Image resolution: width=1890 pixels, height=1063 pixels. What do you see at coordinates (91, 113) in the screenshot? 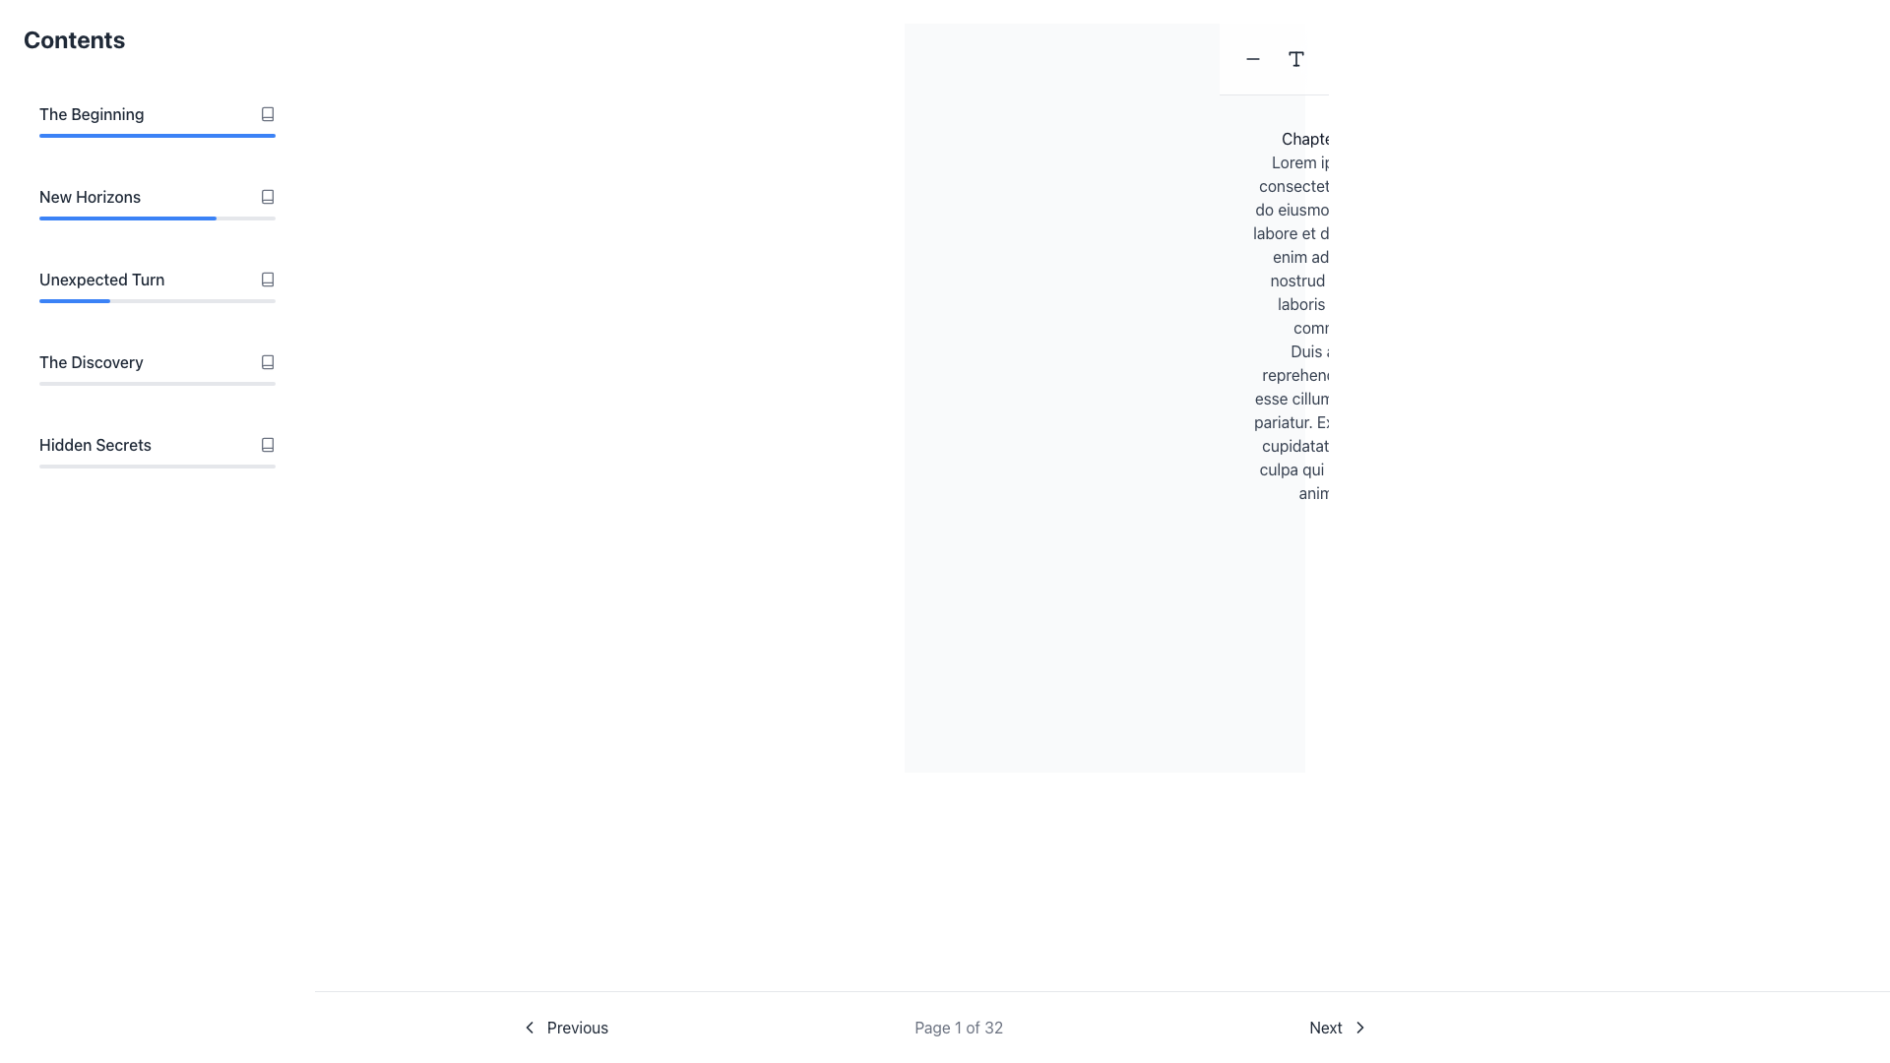
I see `the text label displaying 'The Beginning', which is located at the top of the list under the heading 'Contents'` at bounding box center [91, 113].